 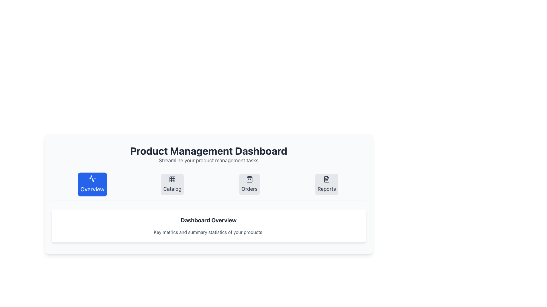 I want to click on text label that describes the order-related icon located below the shopping bag icon and above the card-like structure in the middle section of the navigation group, so click(x=249, y=189).